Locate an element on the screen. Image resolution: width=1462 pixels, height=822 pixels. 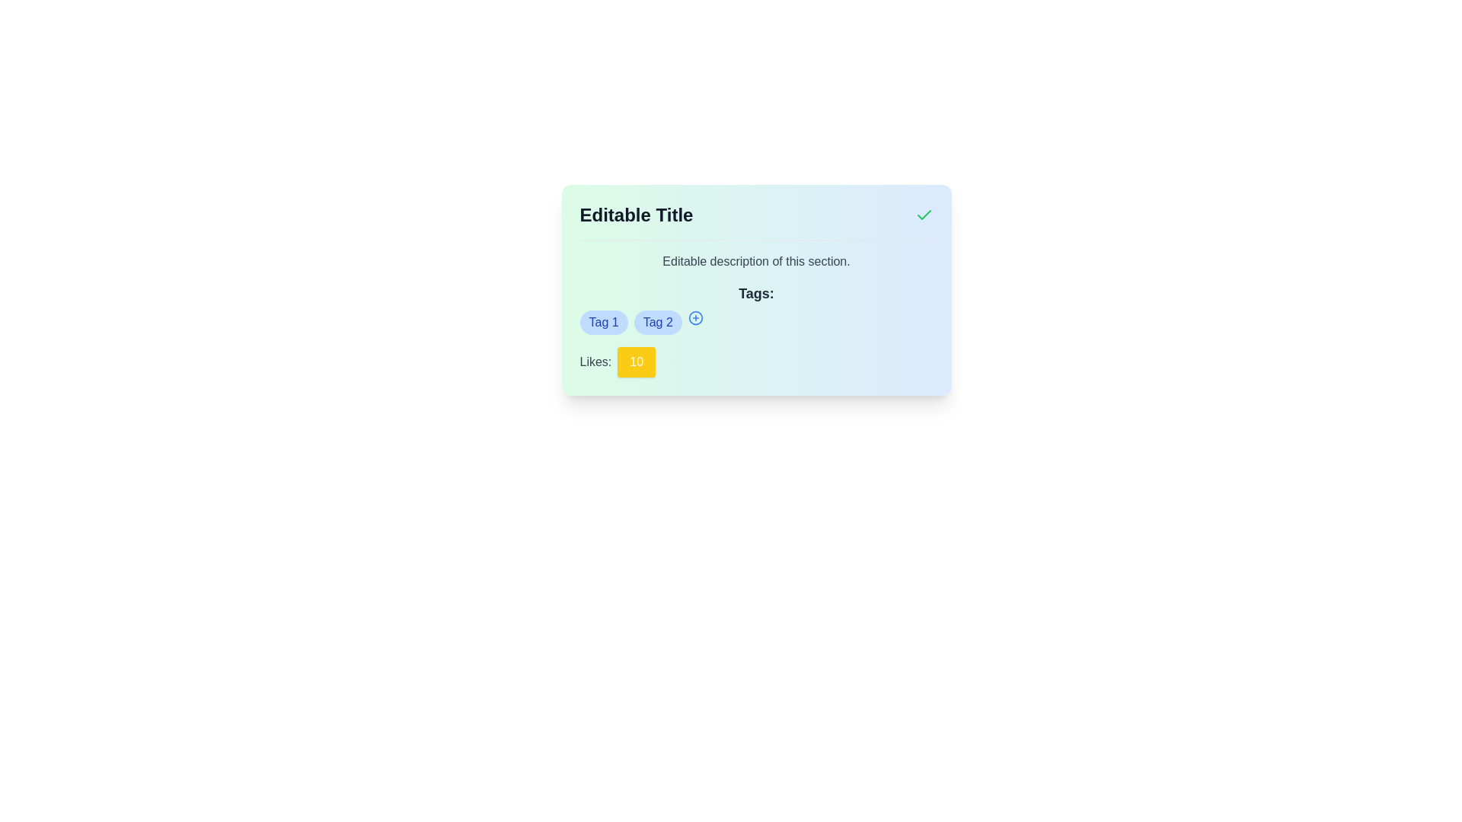
the center of the circular button with a blue outline and plus sign located in the 'Tags:' section, right of 'Tag 2' label is located at coordinates (694, 317).